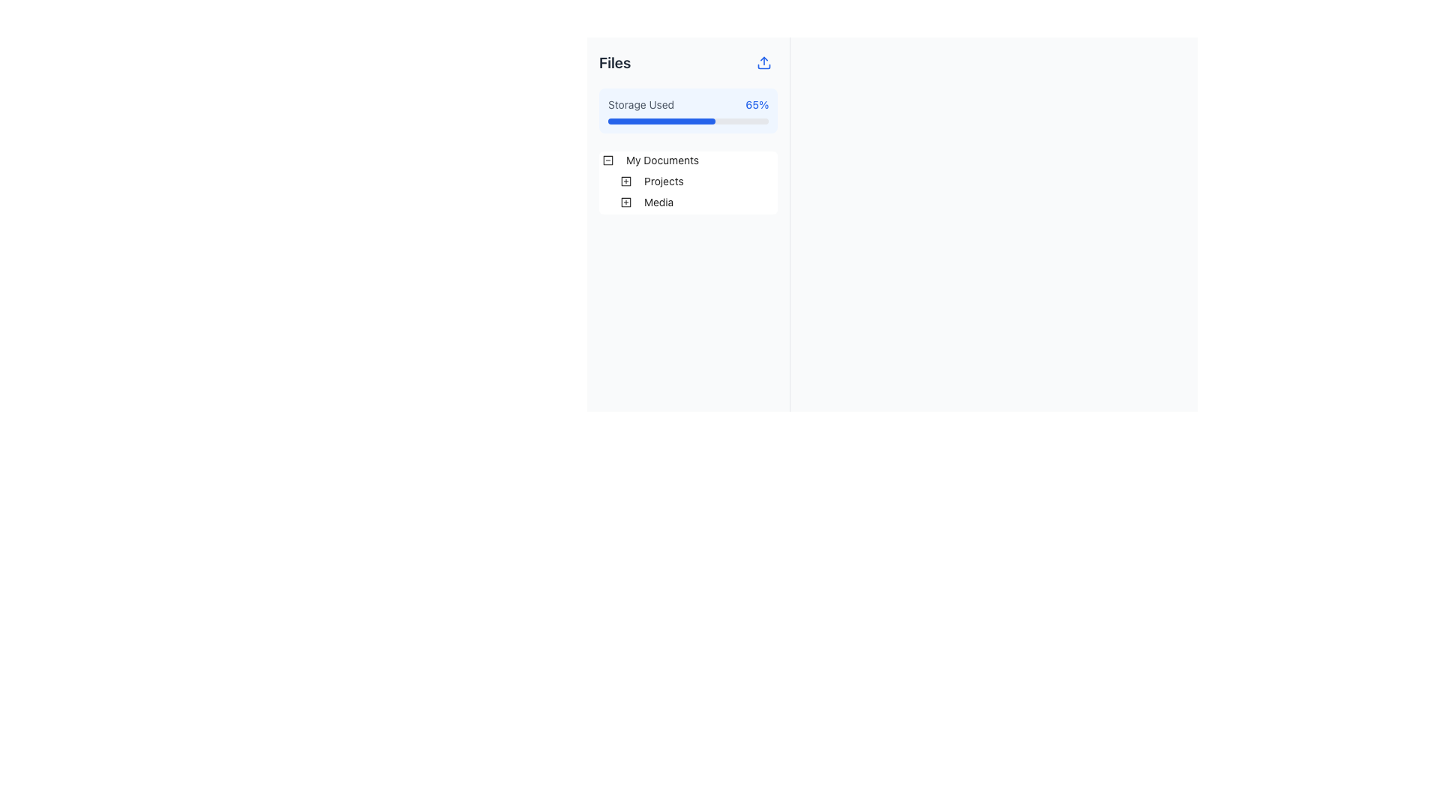 This screenshot has height=810, width=1440. Describe the element at coordinates (658, 202) in the screenshot. I see `the 'Media' label within the collapsible tree structure under 'Projects' in the 'My Documents' section` at that location.